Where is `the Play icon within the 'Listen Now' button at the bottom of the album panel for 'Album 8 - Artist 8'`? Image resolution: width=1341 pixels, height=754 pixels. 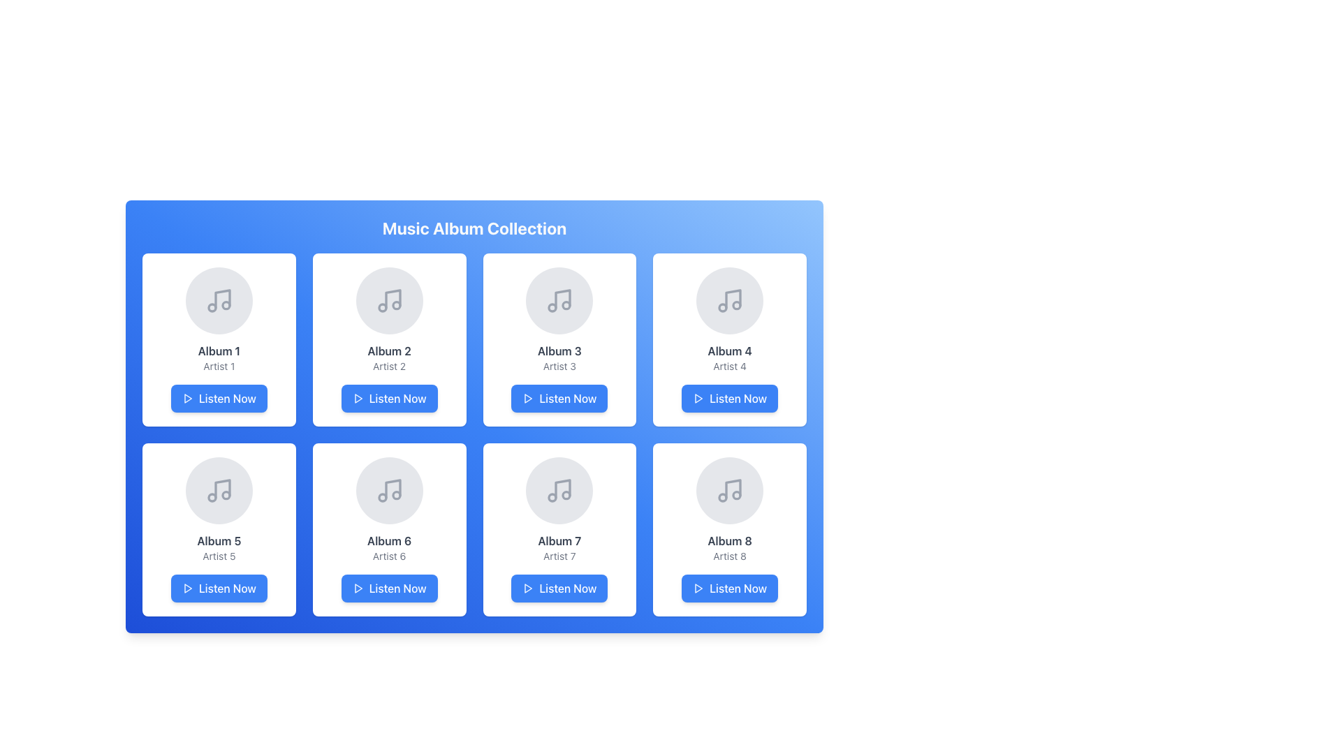 the Play icon within the 'Listen Now' button at the bottom of the album panel for 'Album 8 - Artist 8' is located at coordinates (698, 589).